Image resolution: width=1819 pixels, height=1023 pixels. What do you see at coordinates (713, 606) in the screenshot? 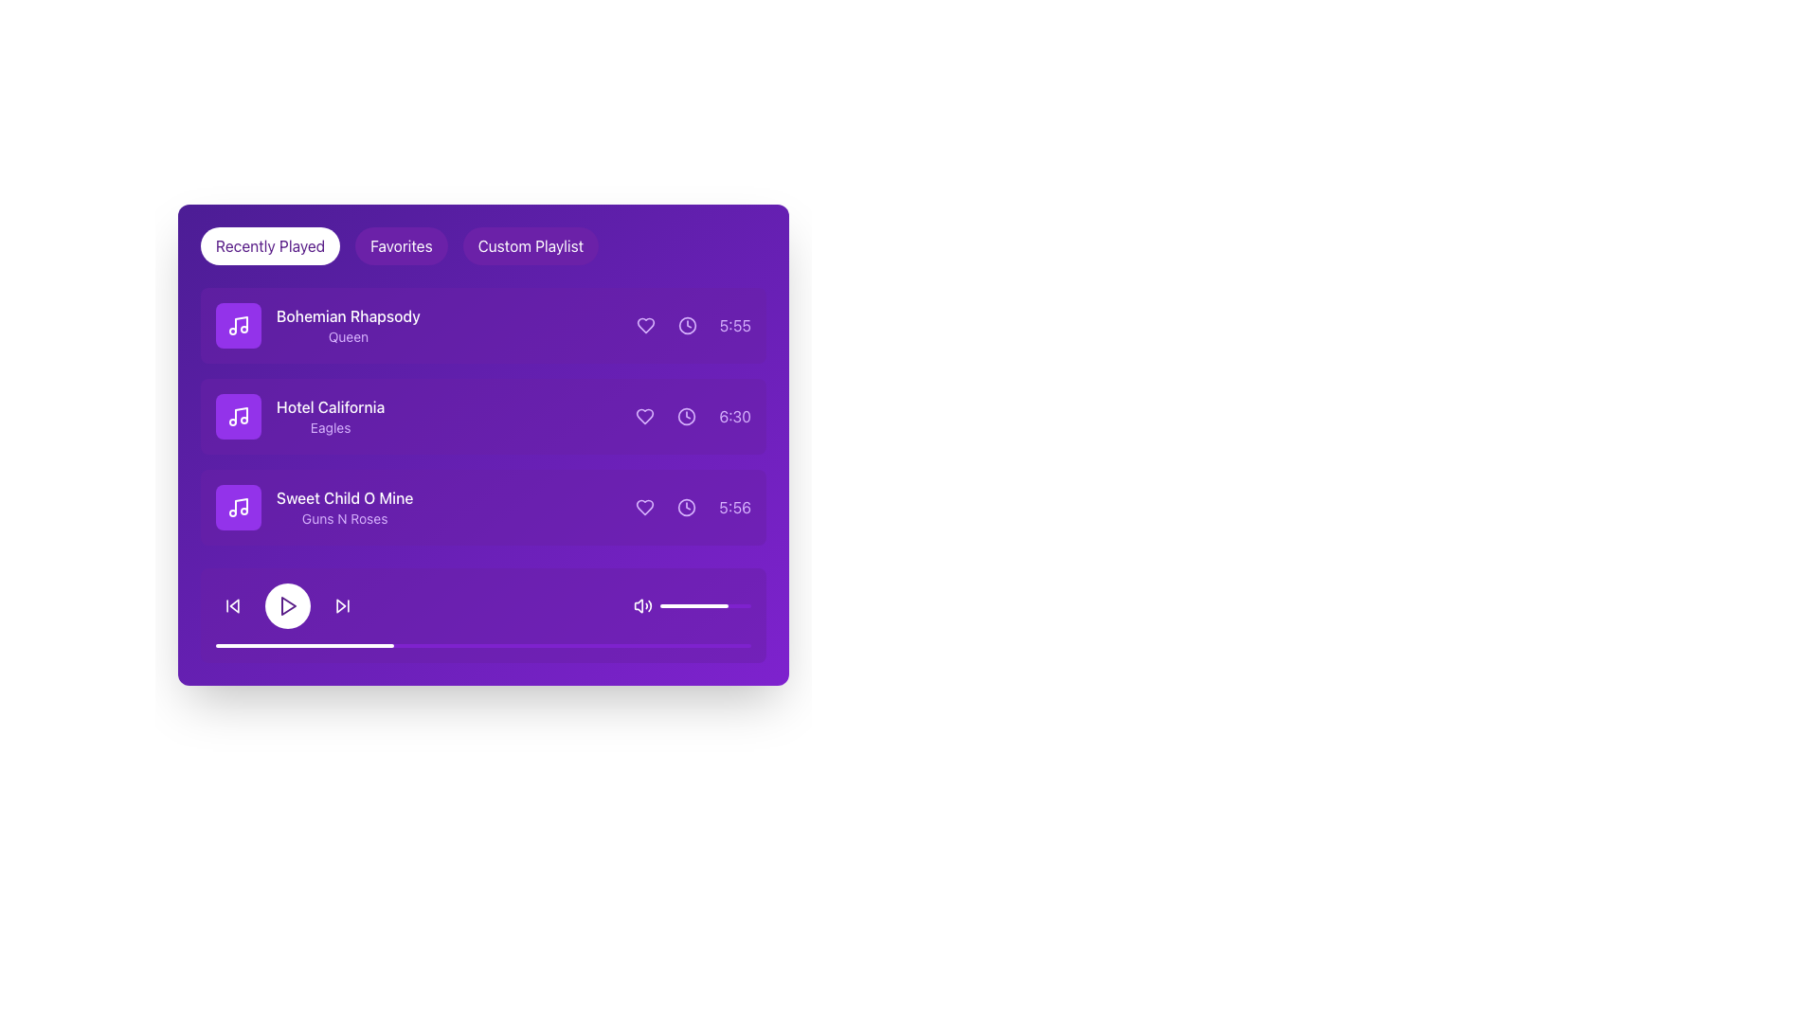
I see `the volume level` at bounding box center [713, 606].